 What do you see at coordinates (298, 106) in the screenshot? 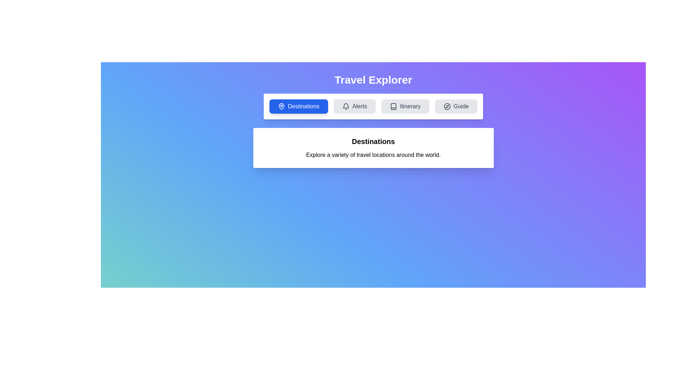
I see `the tab labeled Destinations` at bounding box center [298, 106].